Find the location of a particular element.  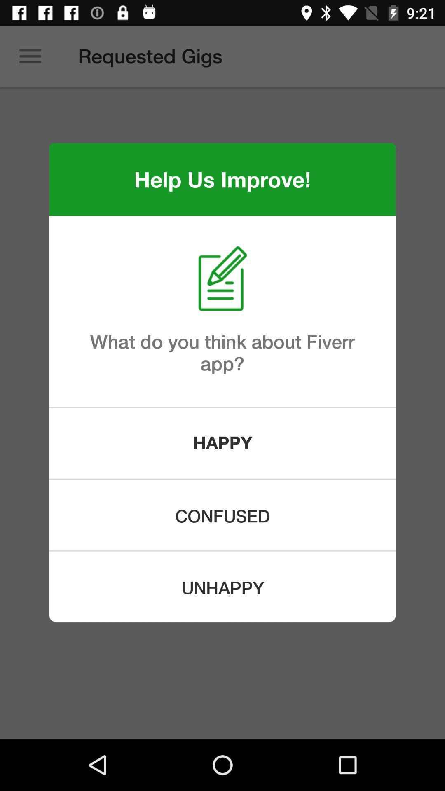

the happy is located at coordinates (222, 443).